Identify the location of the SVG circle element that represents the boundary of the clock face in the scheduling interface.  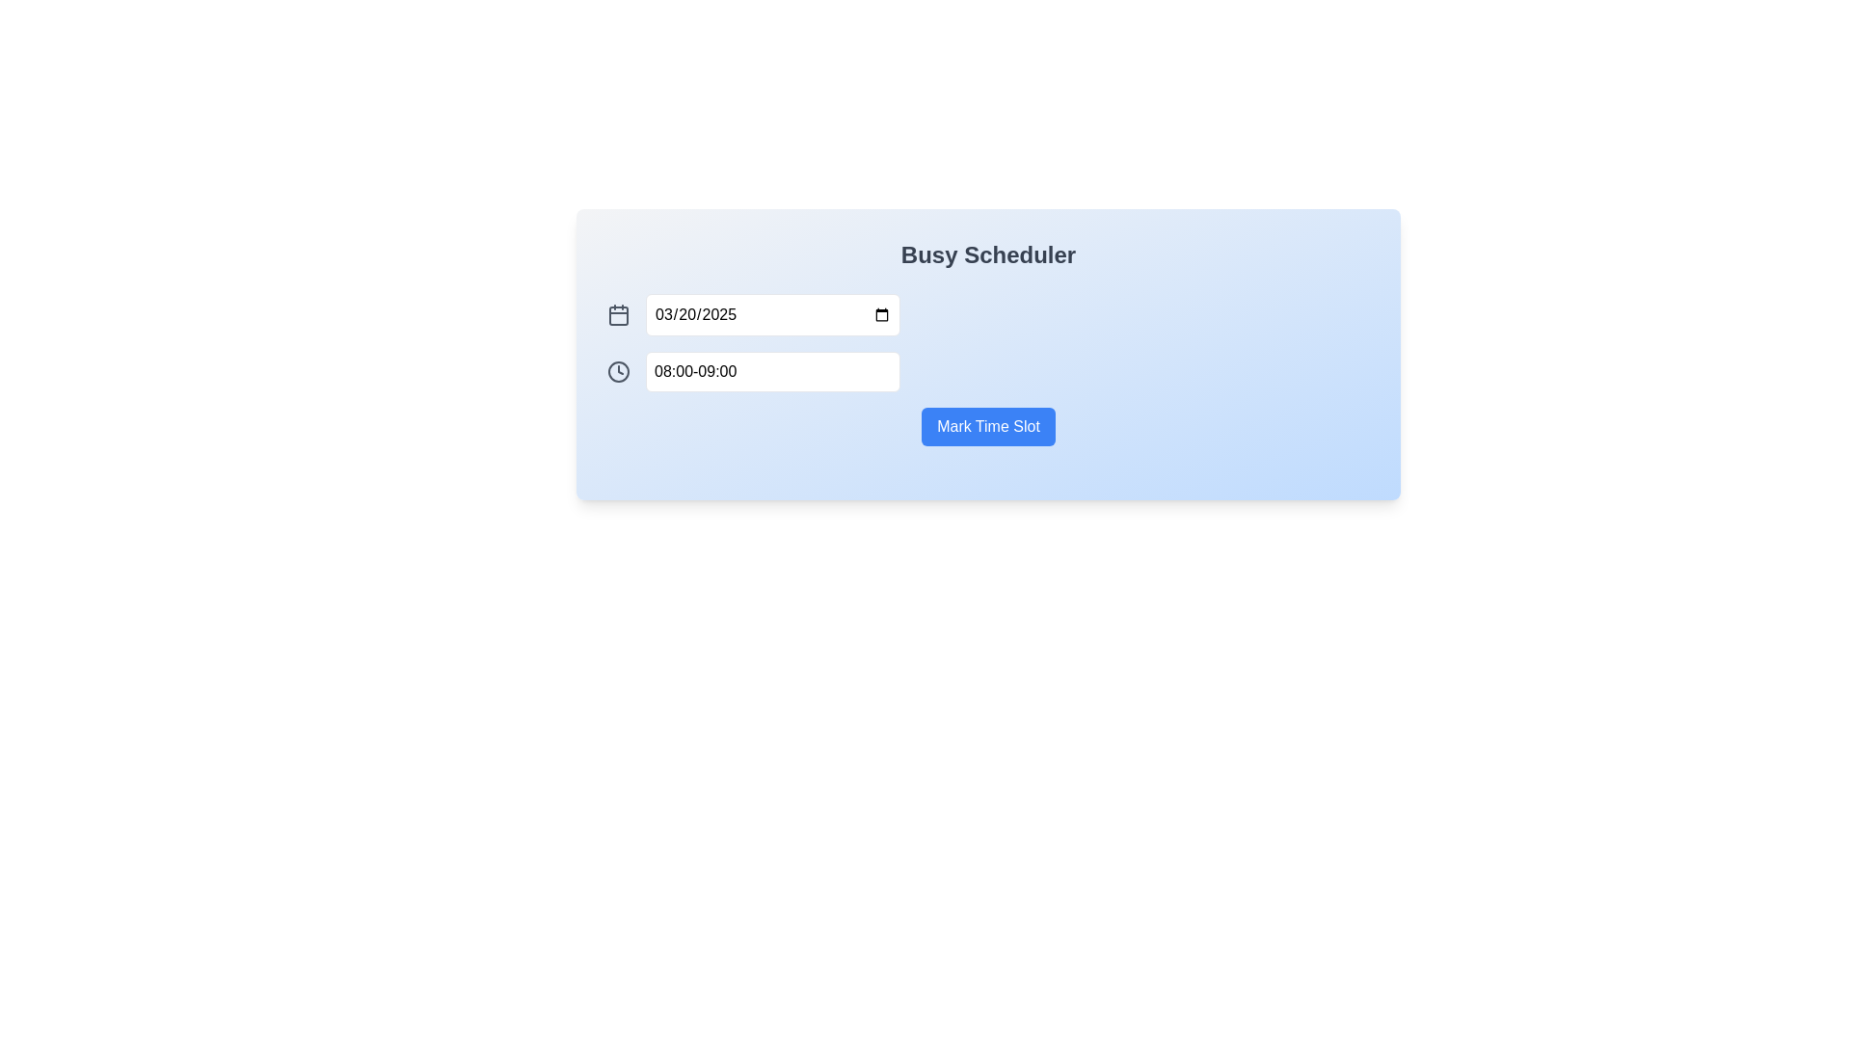
(619, 371).